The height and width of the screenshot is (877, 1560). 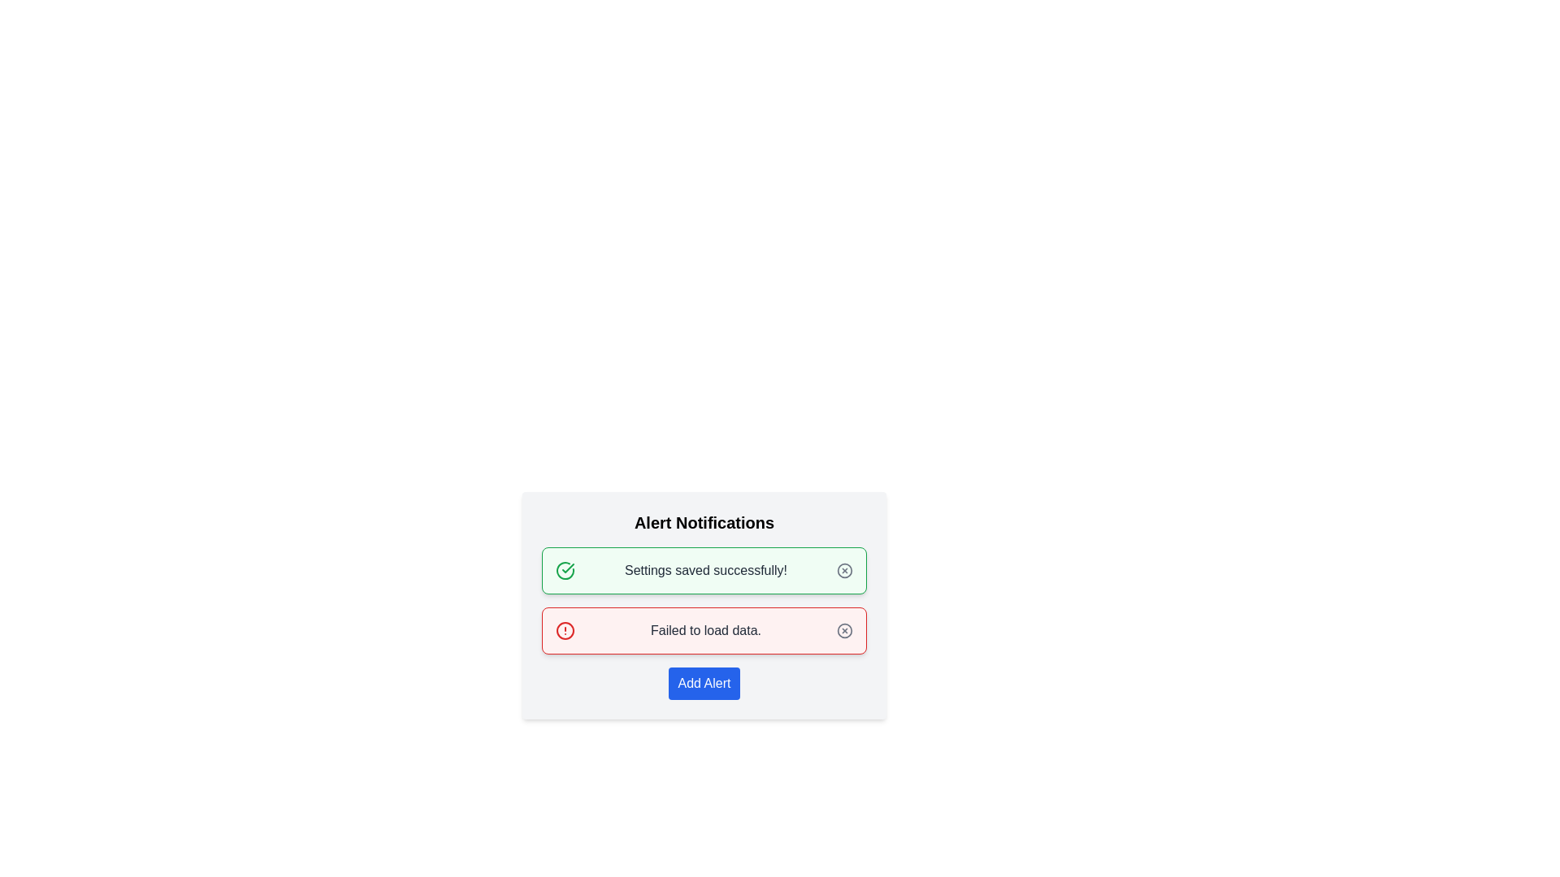 I want to click on the error message text label located in the second alert box, which indicates an issue with loading data, so click(x=705, y=629).